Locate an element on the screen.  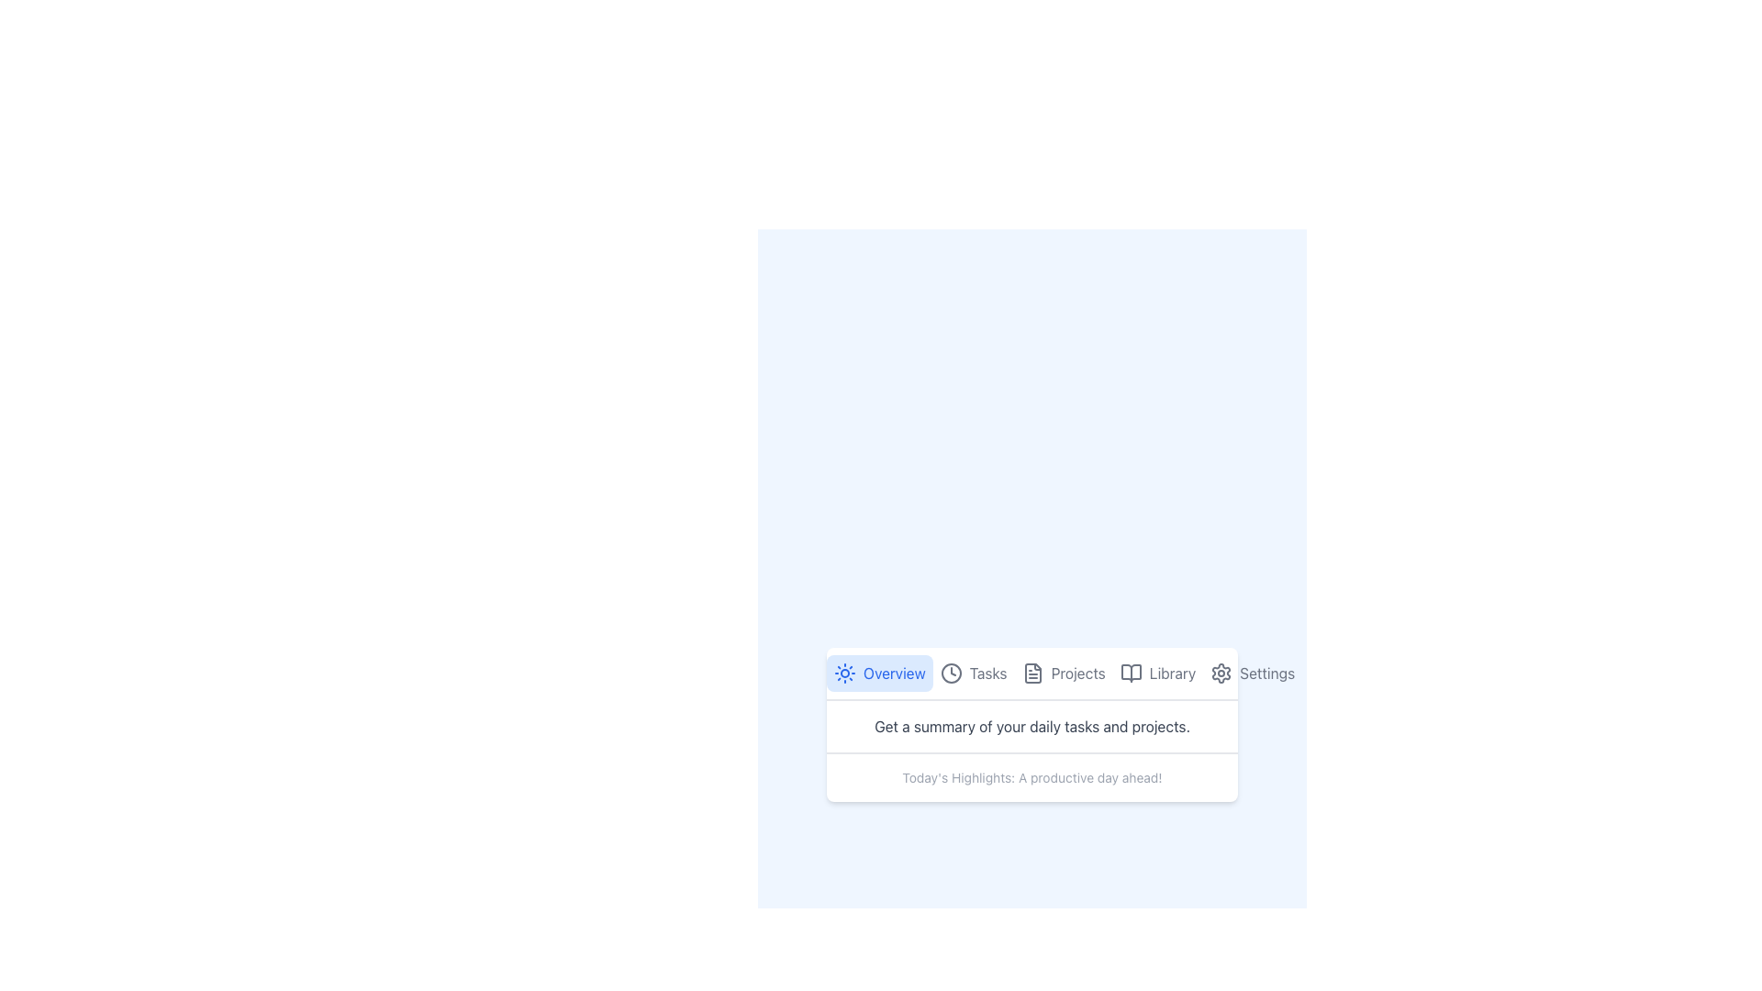
the 'Settings' button, which is the last item is located at coordinates (1251, 673).